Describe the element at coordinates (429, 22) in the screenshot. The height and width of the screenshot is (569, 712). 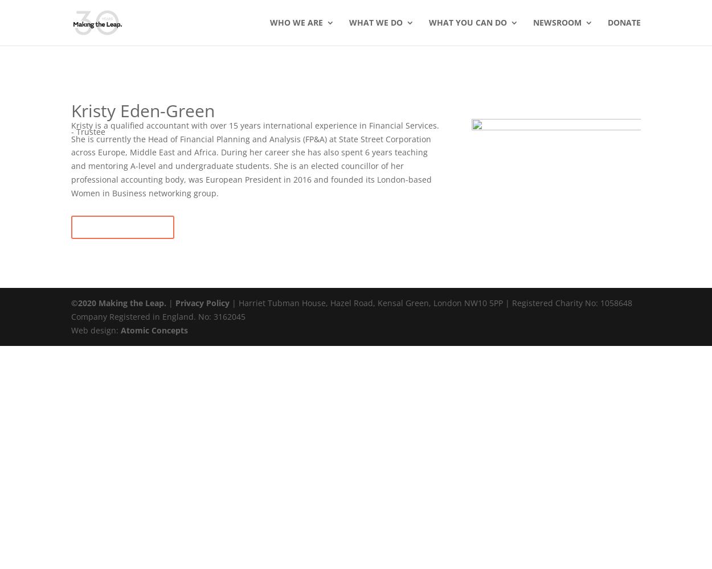
I see `'WHAT YOU CAN DO'` at that location.